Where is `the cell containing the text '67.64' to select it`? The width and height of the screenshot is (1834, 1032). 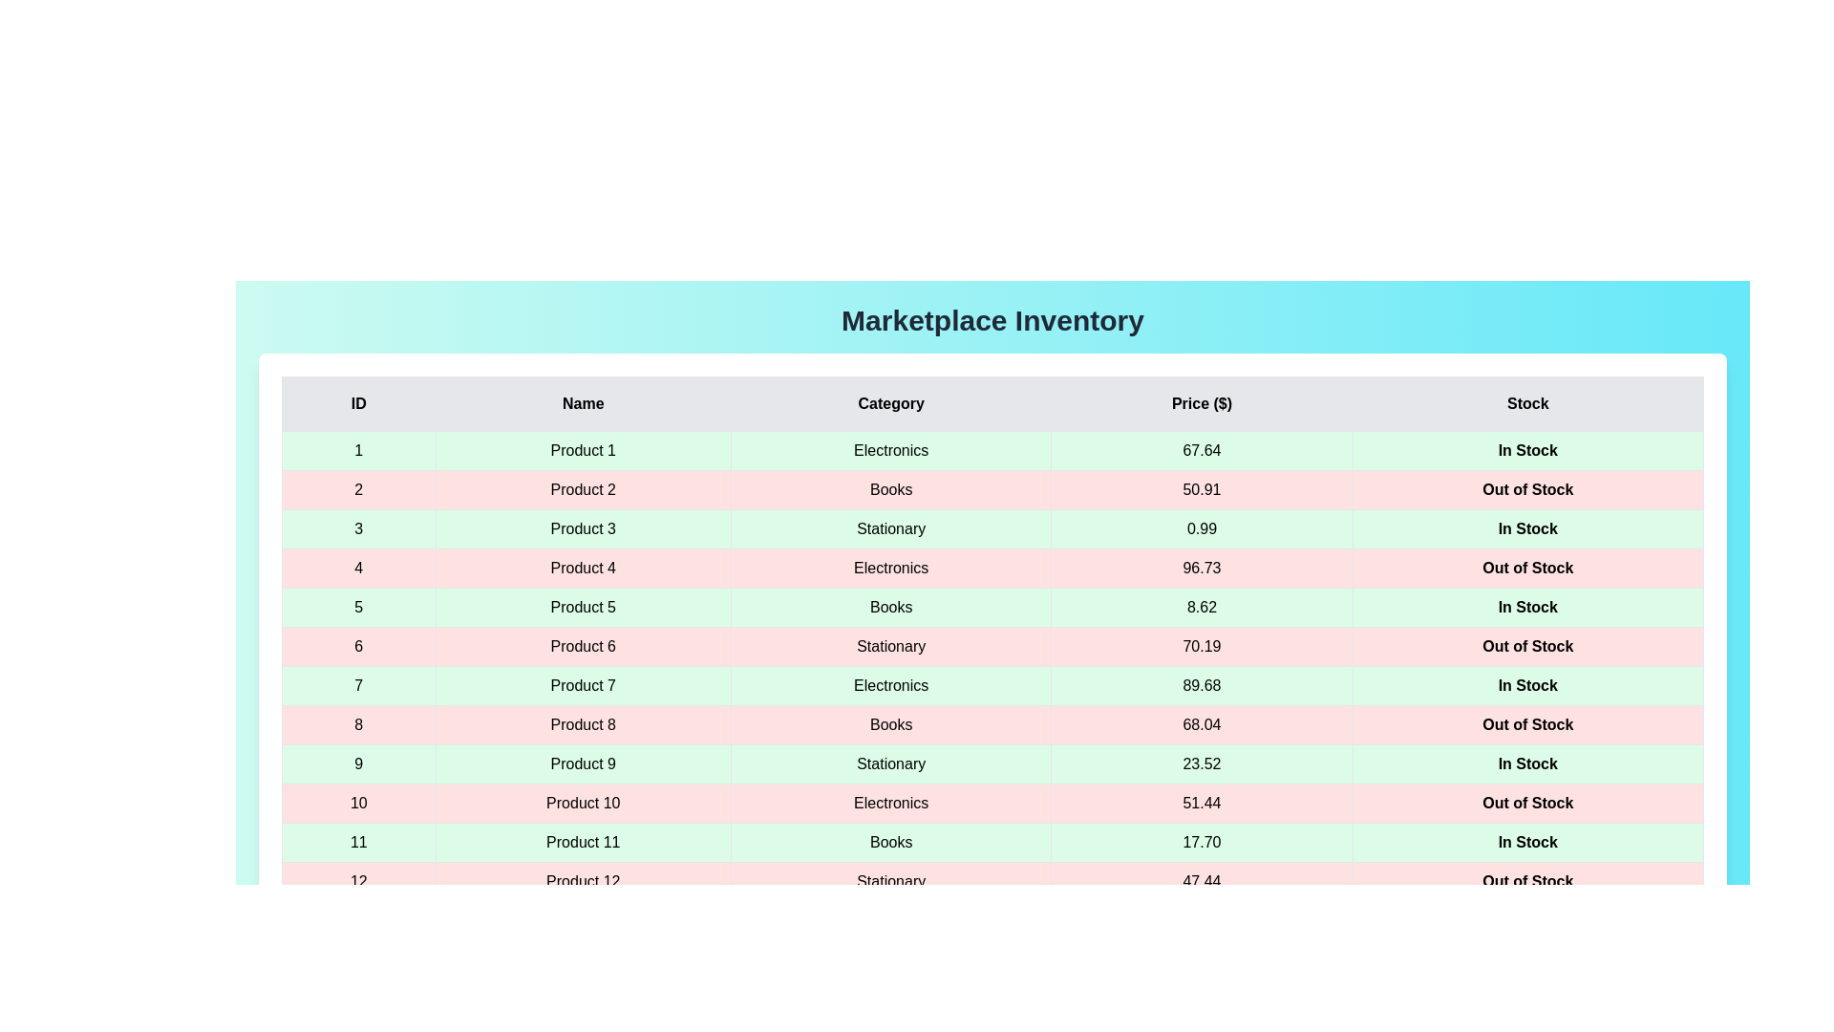
the cell containing the text '67.64' to select it is located at coordinates (1200, 450).